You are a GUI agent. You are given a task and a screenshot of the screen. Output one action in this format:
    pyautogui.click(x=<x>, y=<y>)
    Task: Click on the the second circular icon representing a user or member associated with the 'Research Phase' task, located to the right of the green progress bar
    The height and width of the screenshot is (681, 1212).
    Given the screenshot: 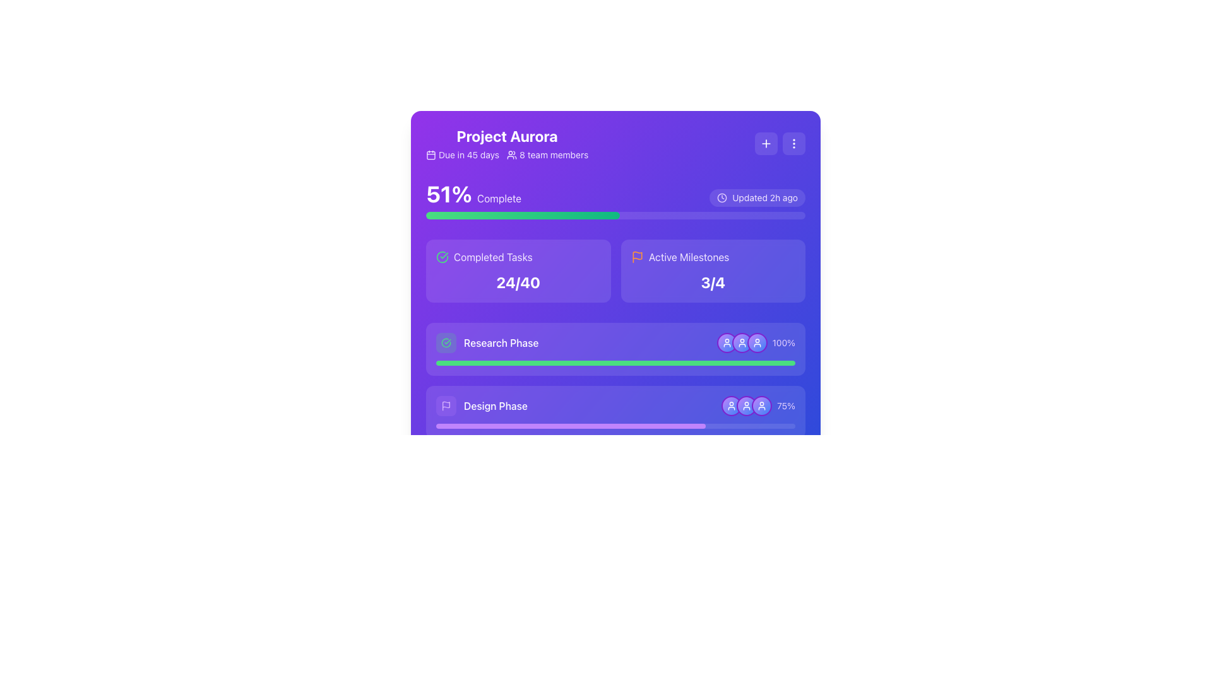 What is the action you would take?
    pyautogui.click(x=742, y=342)
    